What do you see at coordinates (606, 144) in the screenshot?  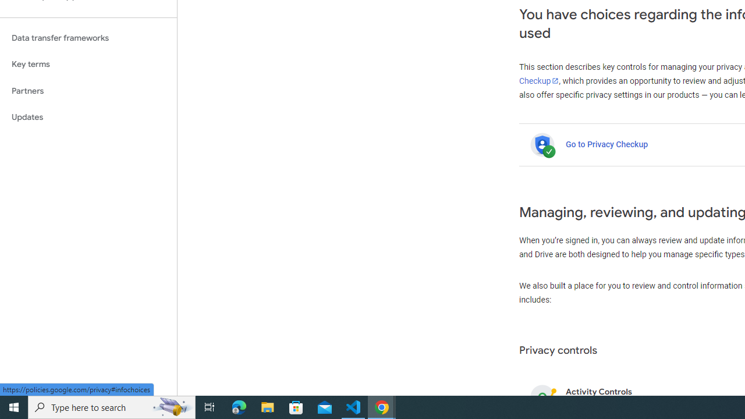 I see `'Go to Privacy Checkup'` at bounding box center [606, 144].